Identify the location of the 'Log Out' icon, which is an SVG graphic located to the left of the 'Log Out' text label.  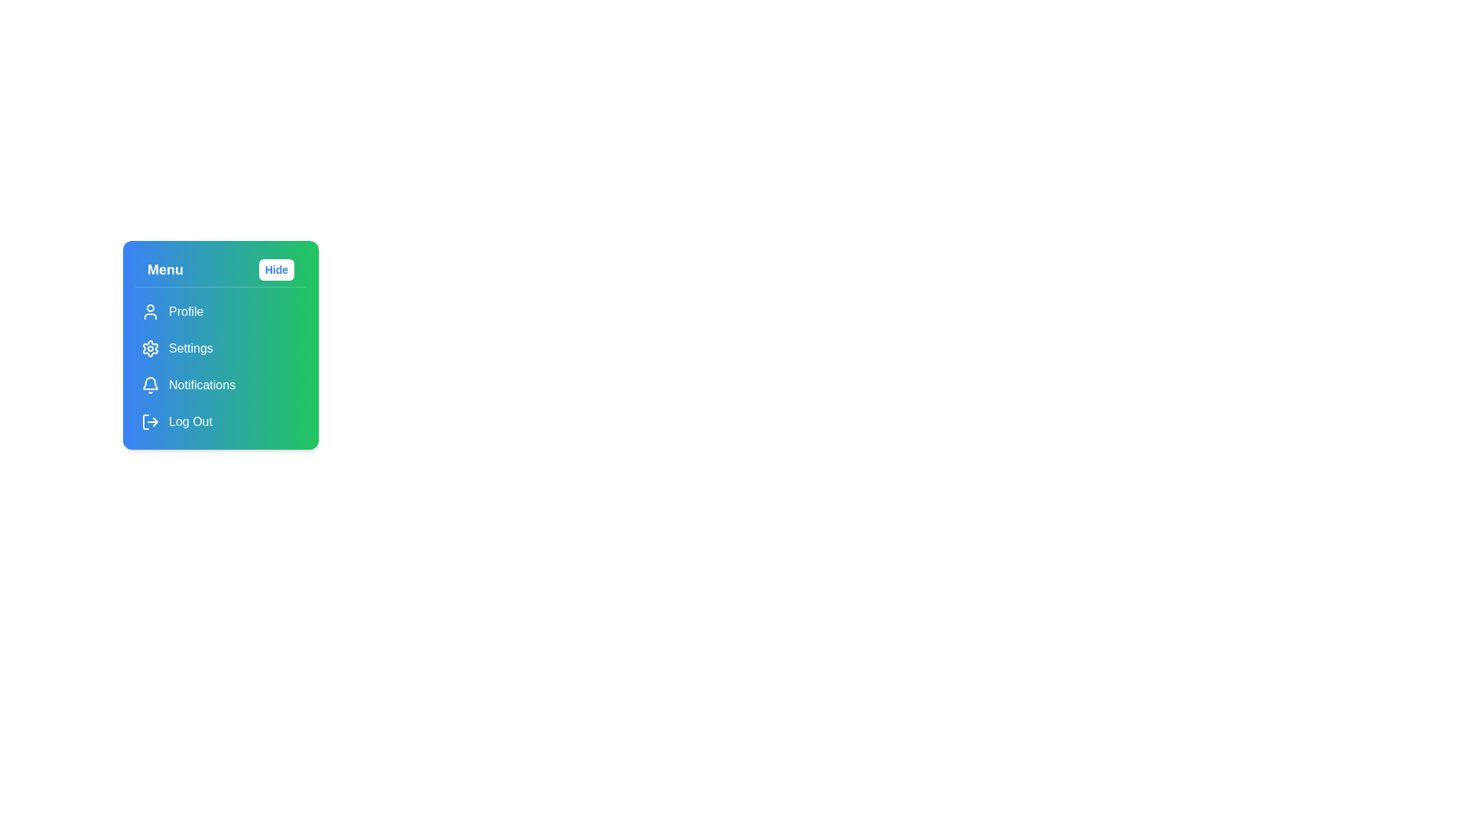
(150, 421).